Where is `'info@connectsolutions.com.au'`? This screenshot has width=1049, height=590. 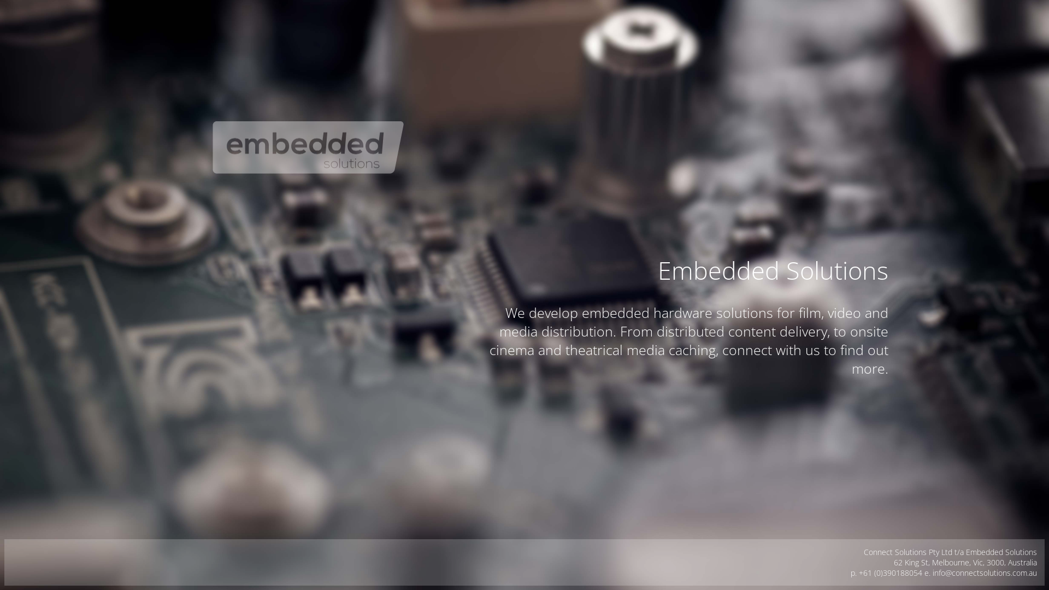
'info@connectsolutions.com.au' is located at coordinates (932, 572).